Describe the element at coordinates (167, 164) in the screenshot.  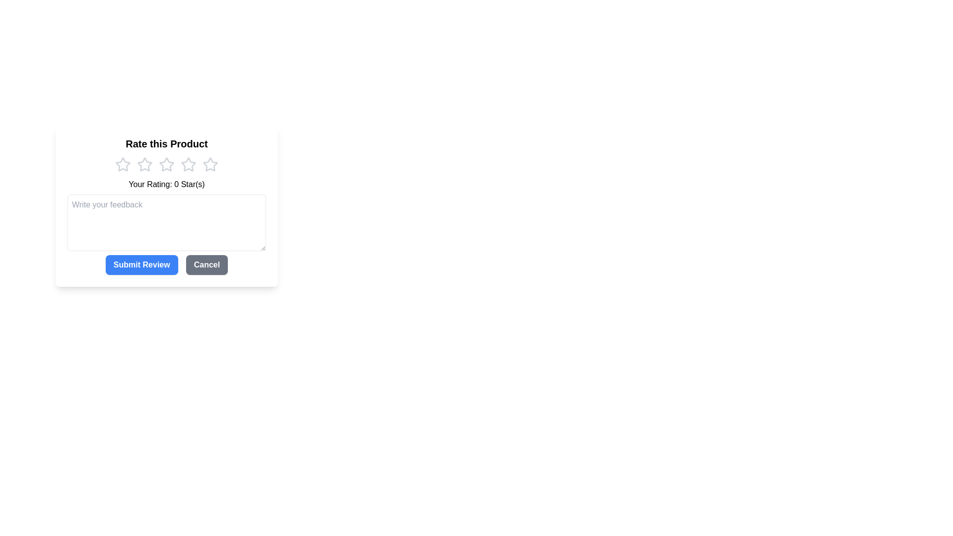
I see `the third star icon in the horizontal arrangement of five stars to set or change the rating` at that location.